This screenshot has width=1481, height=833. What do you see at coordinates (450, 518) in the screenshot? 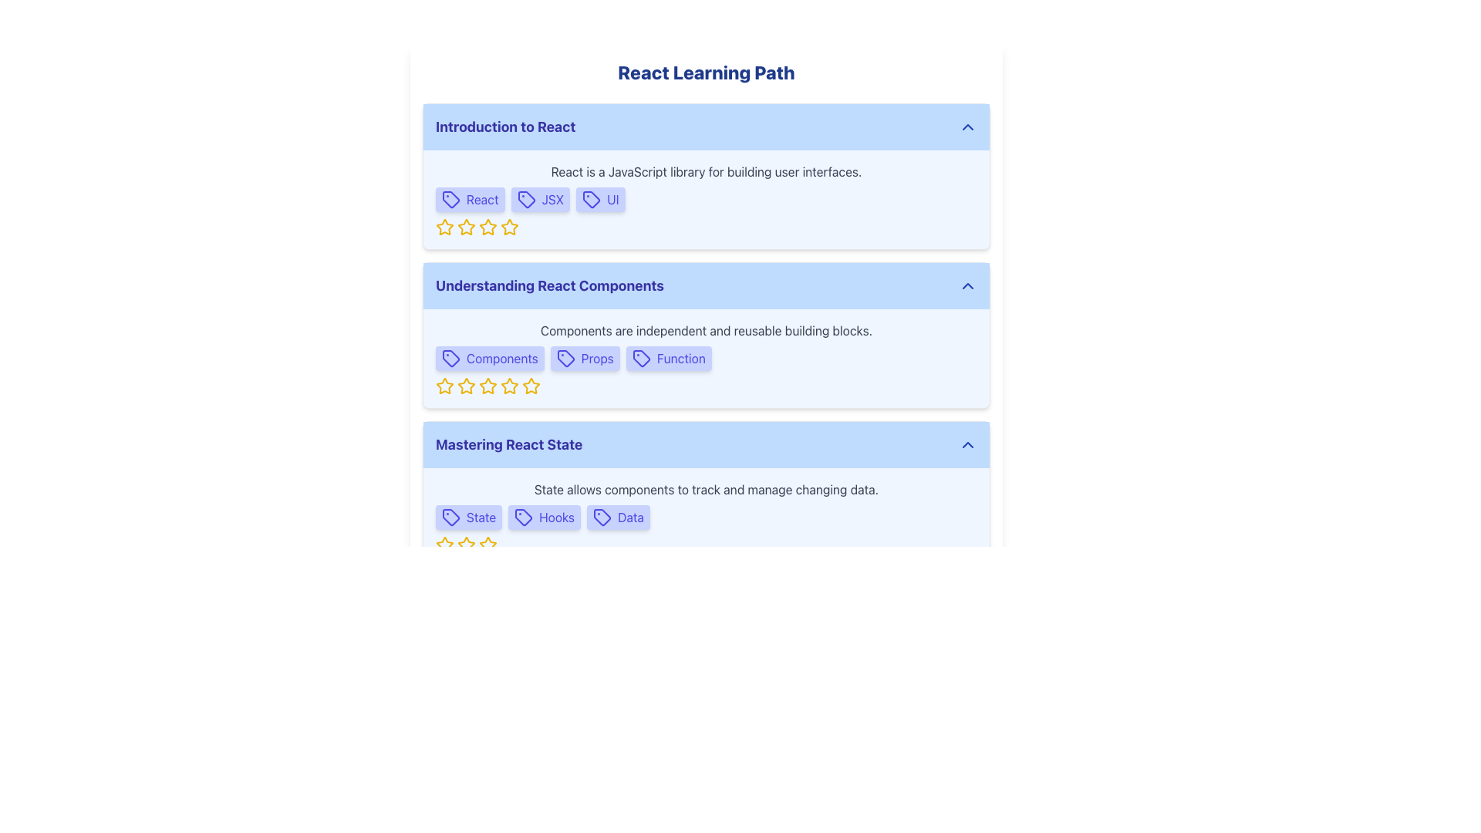
I see `the icon located at the leftmost section of the group that represents the 'State' label, positioned above the text` at bounding box center [450, 518].